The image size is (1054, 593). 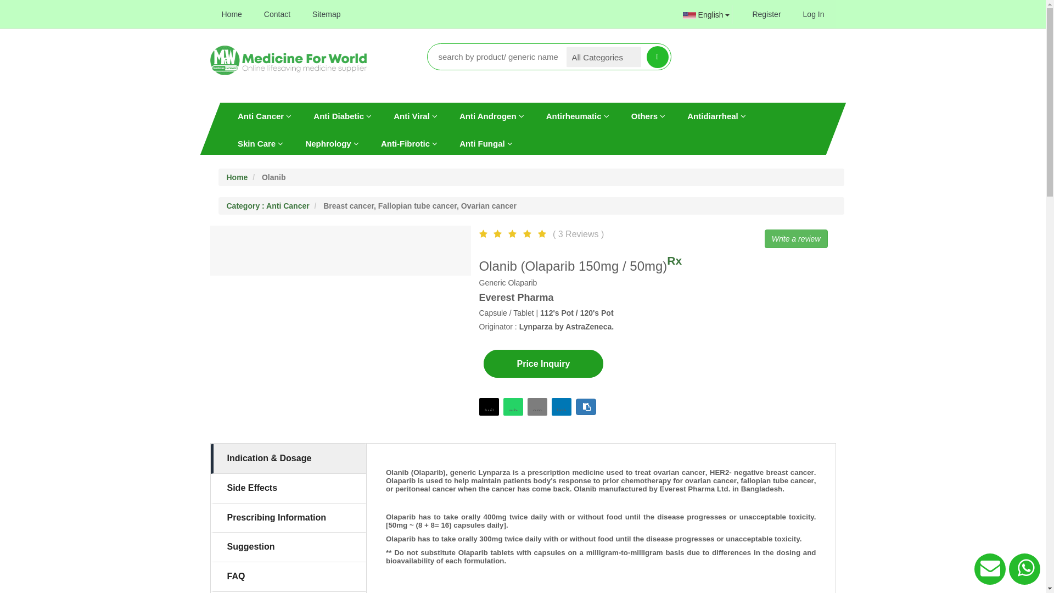 I want to click on 'Register', so click(x=766, y=14).